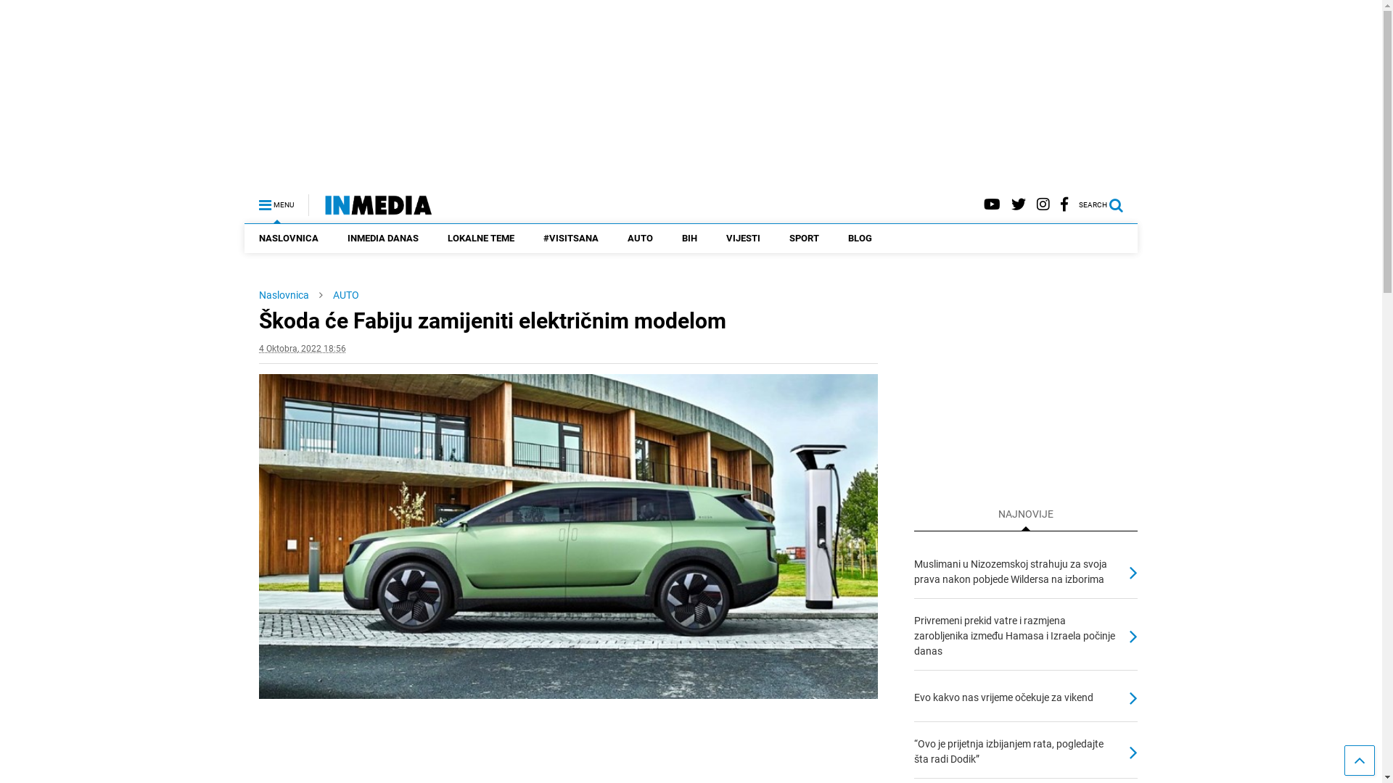  Describe the element at coordinates (302, 349) in the screenshot. I see `'4 Oktobra, 2022 18:56'` at that location.